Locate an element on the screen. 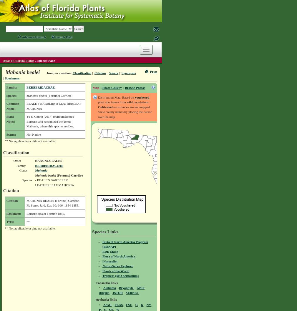 The height and width of the screenshot is (311, 297). 'plant specimens from' is located at coordinates (112, 102).